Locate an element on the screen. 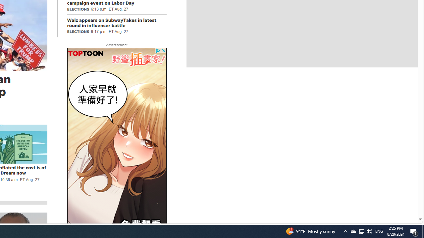  'Class: privacy_out' is located at coordinates (157, 50).